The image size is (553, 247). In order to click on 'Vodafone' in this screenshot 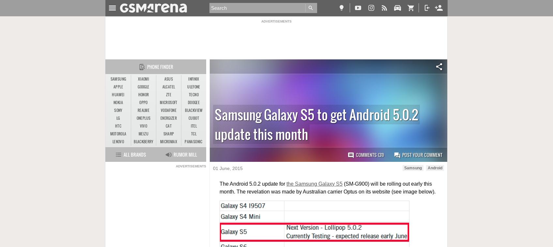, I will do `click(168, 110)`.